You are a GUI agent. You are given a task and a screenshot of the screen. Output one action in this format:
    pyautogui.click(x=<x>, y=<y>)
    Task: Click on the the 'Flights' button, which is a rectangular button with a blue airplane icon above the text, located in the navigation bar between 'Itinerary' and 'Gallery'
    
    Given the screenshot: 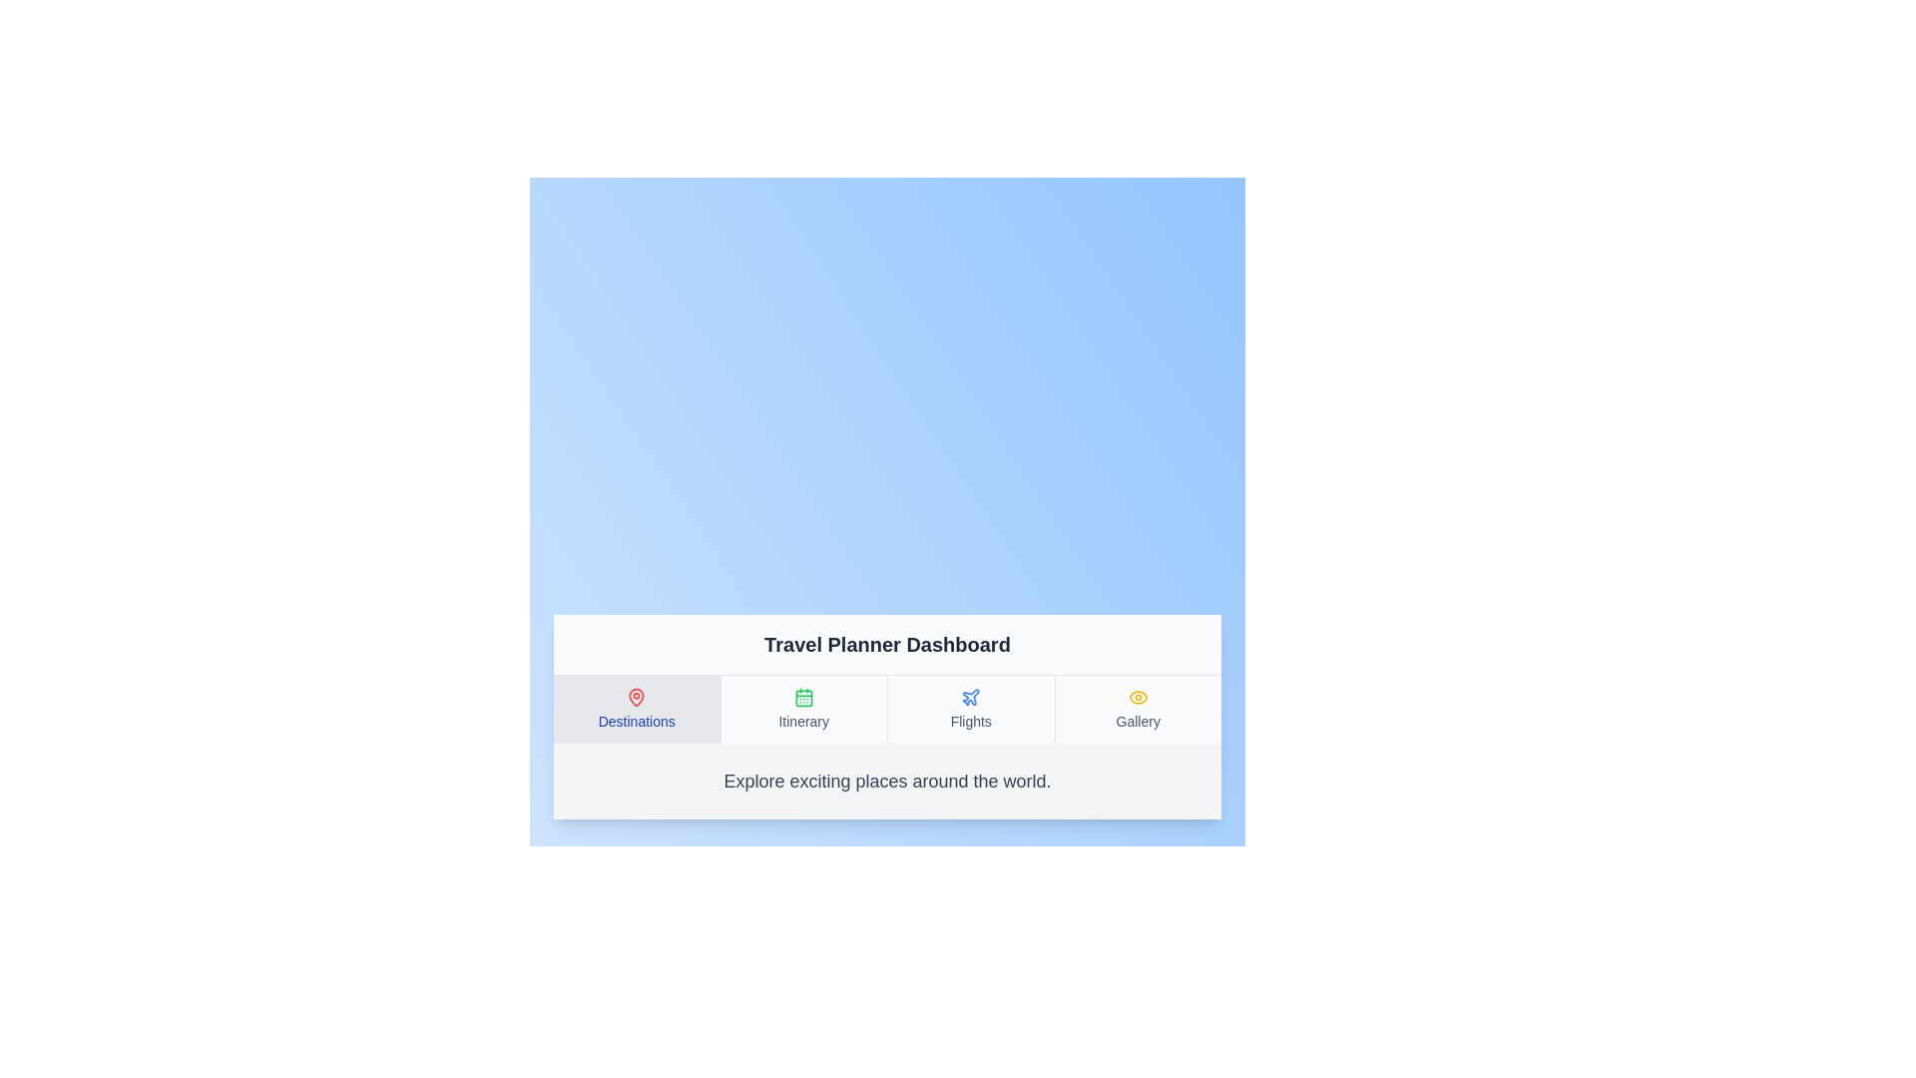 What is the action you would take?
    pyautogui.click(x=970, y=708)
    